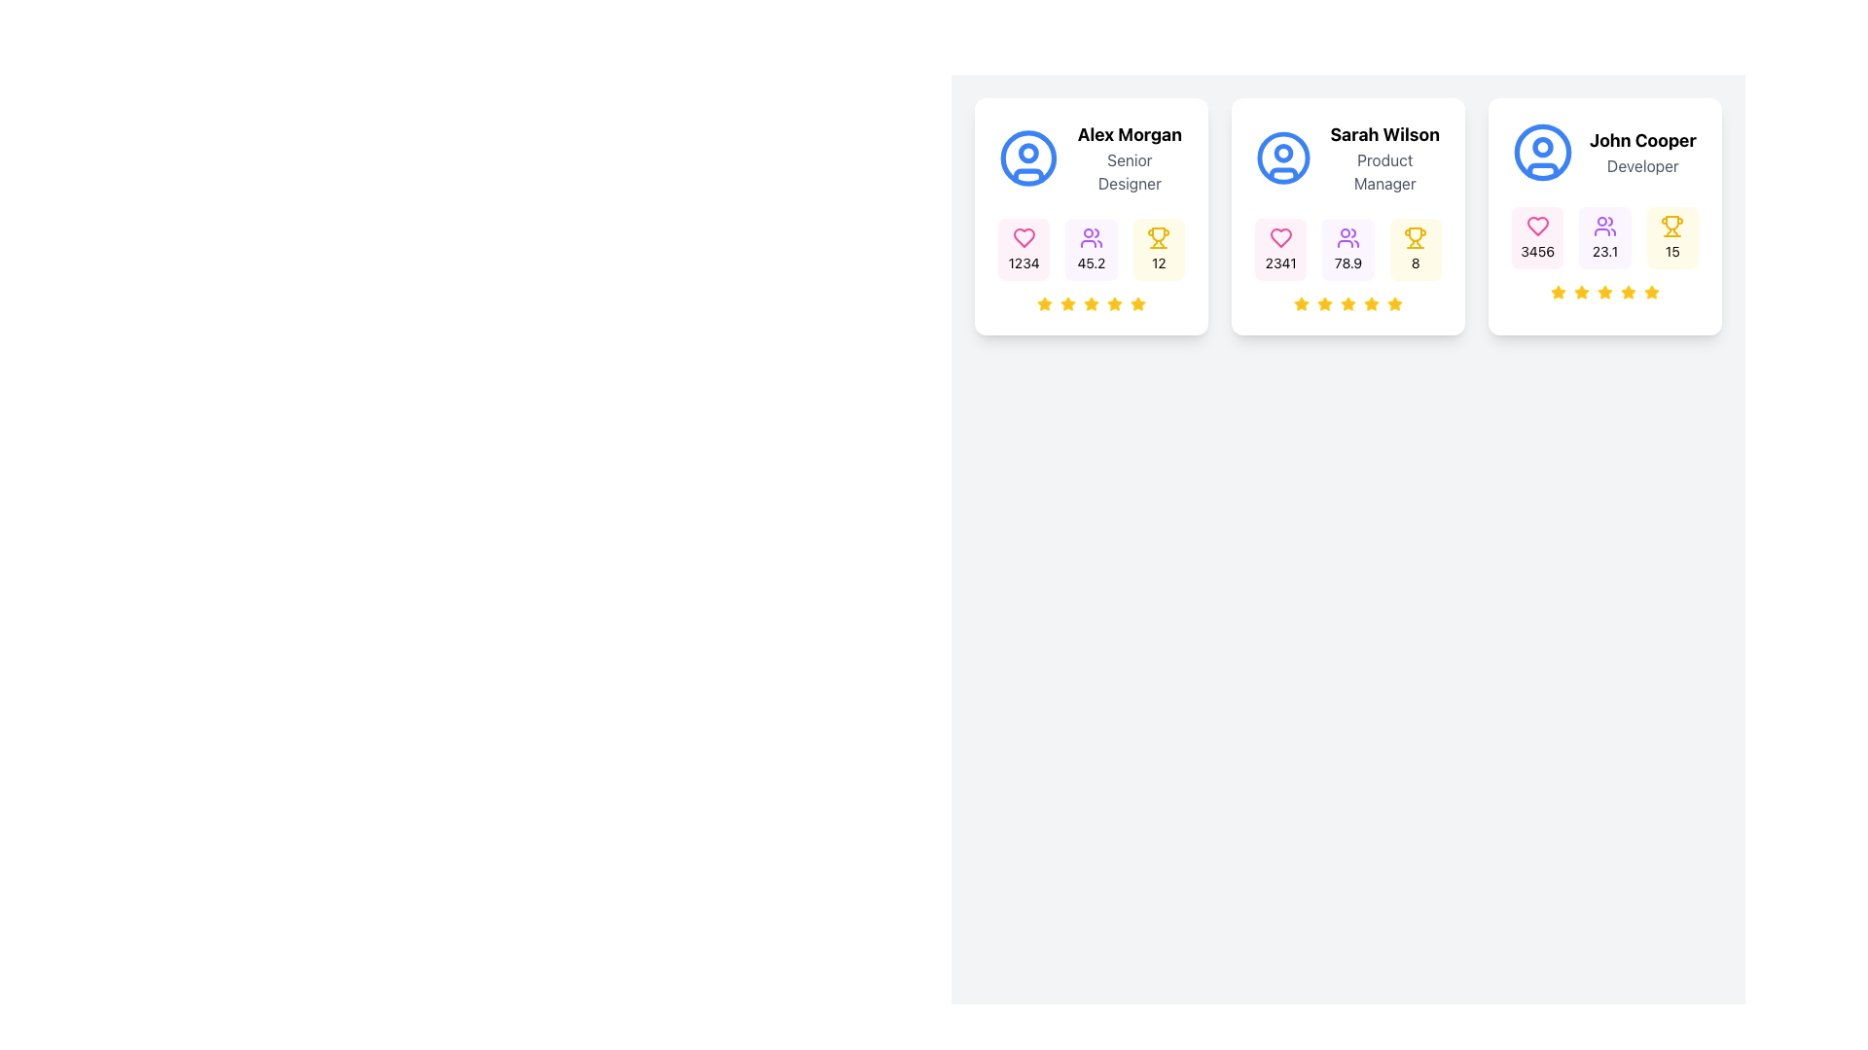  Describe the element at coordinates (1416, 249) in the screenshot. I see `the awards, achievements, or trophies icon and text combination located in the bottom row of Sarah Wilson's card, specifically the third from the left position` at that location.